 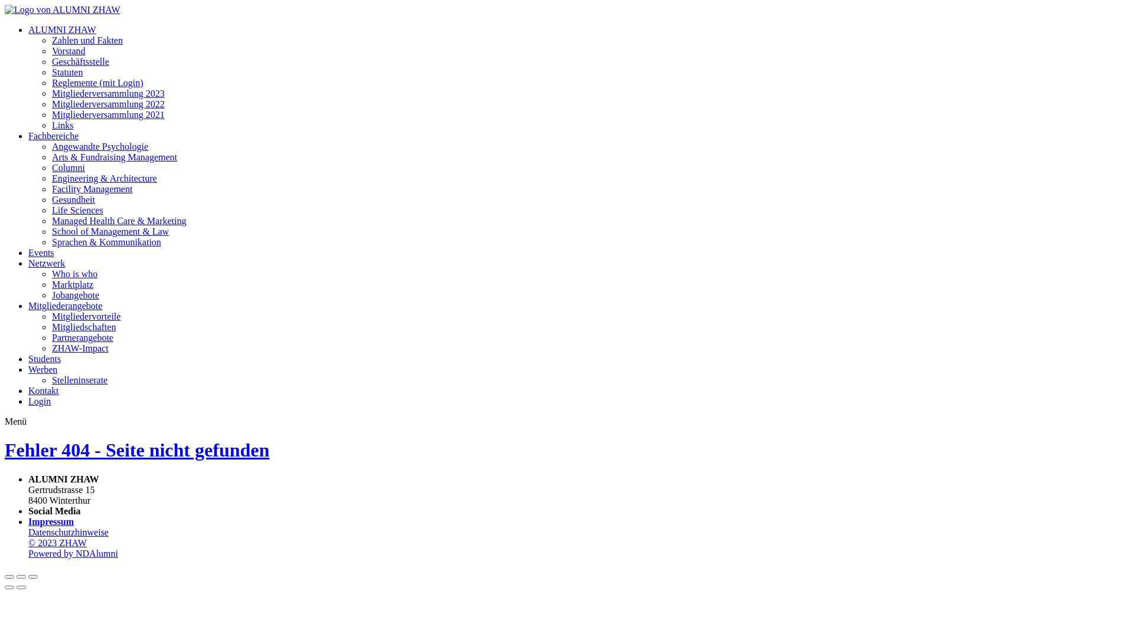 I want to click on 'Engineering & Architecture', so click(x=105, y=178).